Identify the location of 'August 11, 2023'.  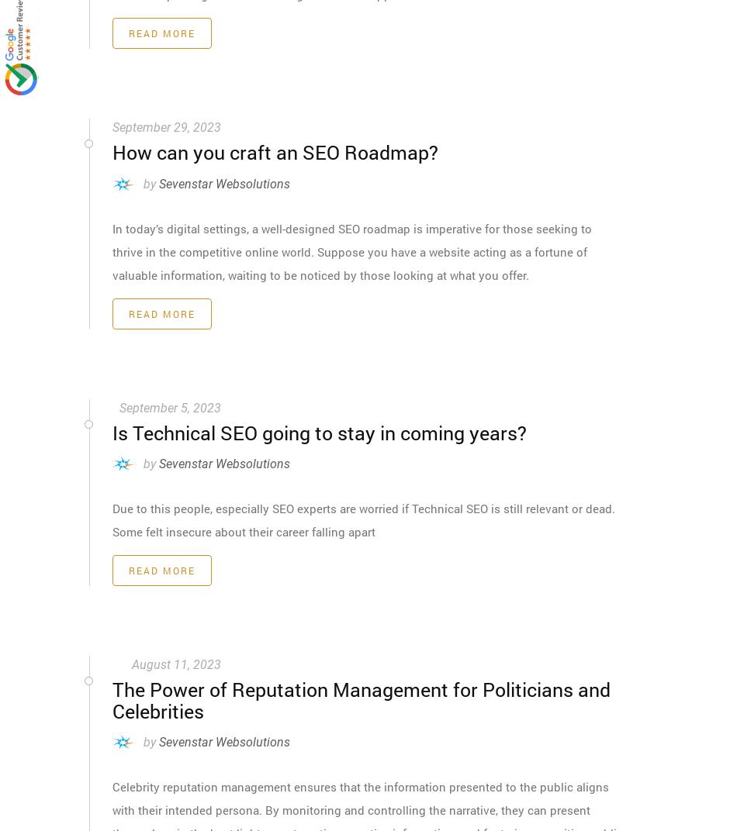
(176, 664).